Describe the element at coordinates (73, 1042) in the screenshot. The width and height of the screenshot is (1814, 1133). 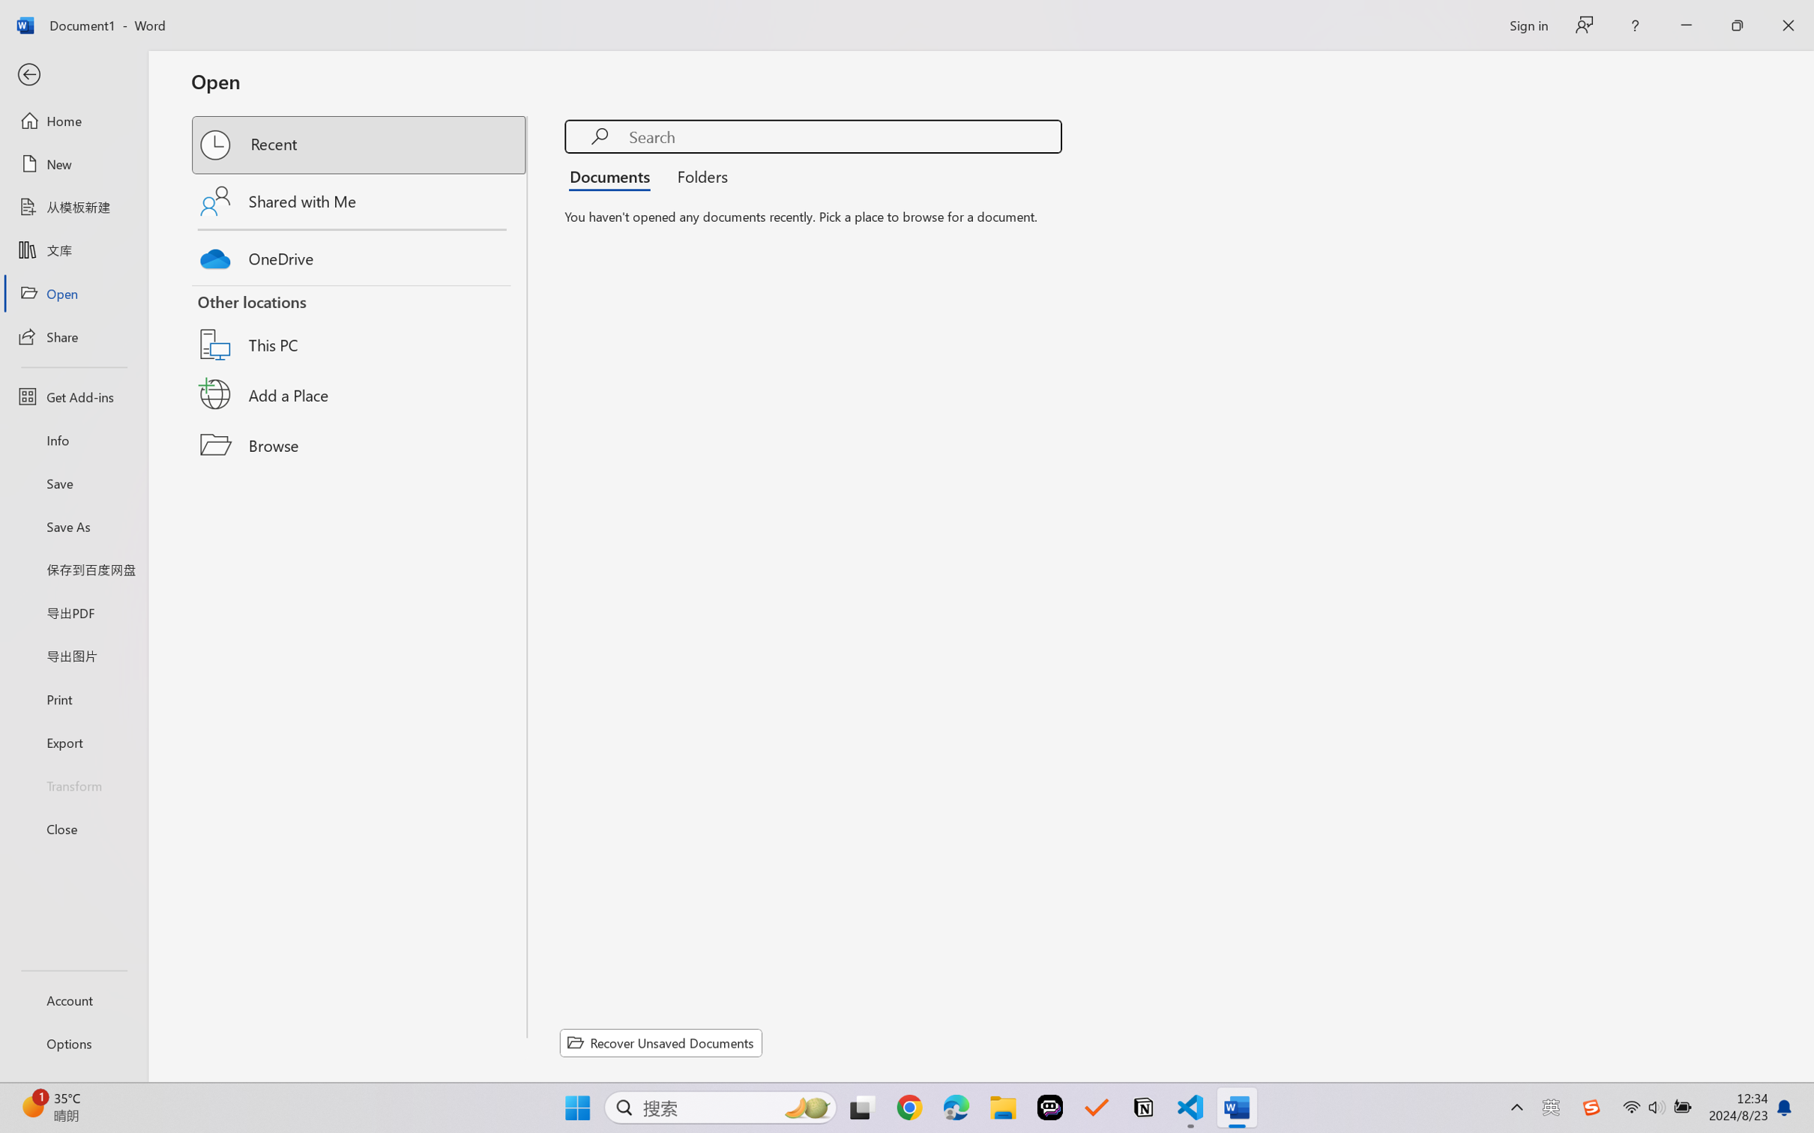
I see `'Options'` at that location.